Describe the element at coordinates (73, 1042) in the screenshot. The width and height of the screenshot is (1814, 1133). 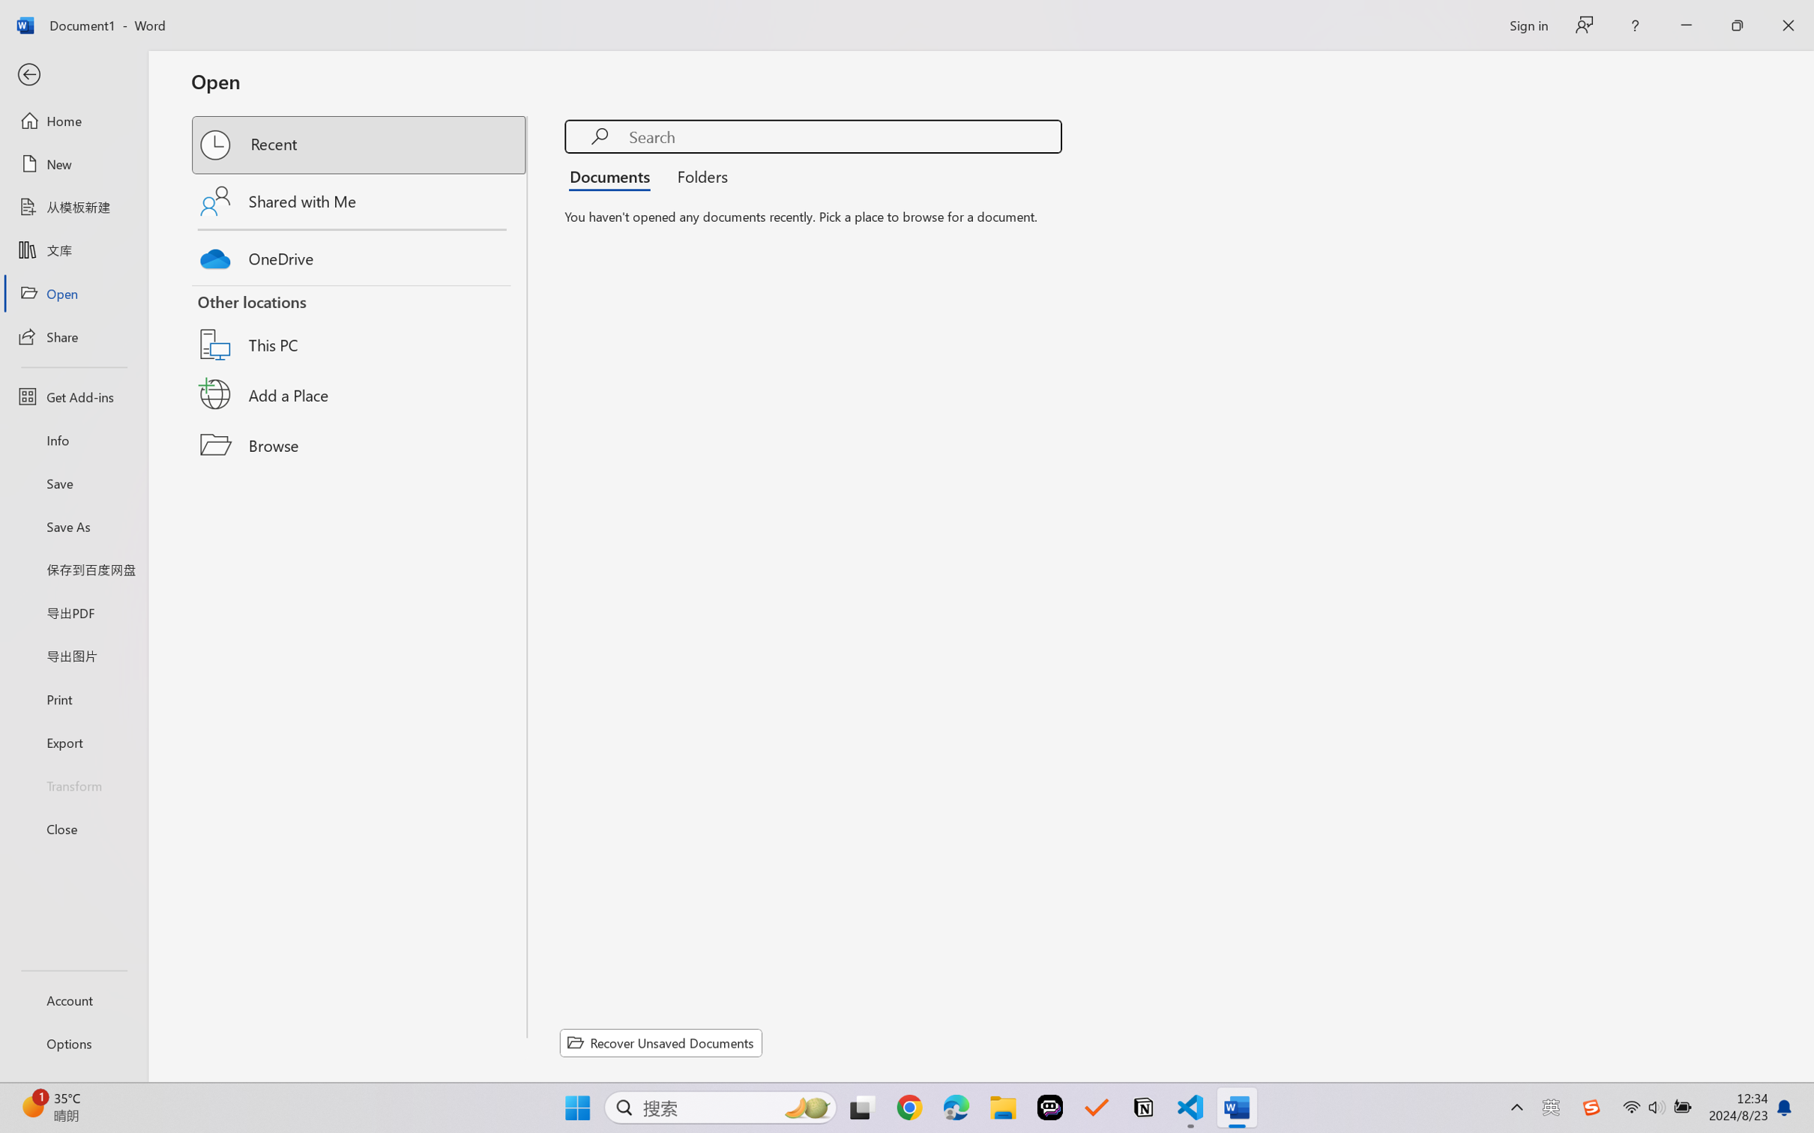
I see `'Options'` at that location.